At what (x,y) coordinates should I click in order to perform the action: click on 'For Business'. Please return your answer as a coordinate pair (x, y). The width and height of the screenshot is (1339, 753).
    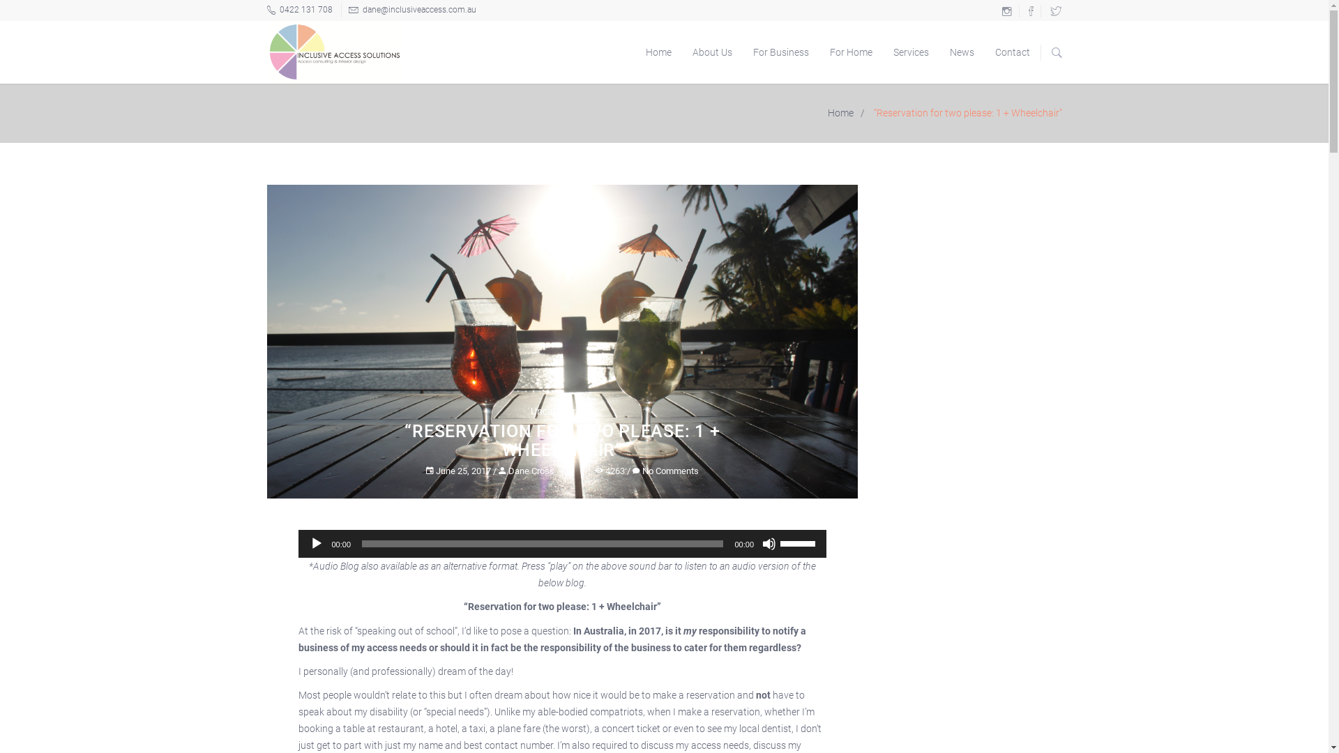
    Looking at the image, I should click on (779, 51).